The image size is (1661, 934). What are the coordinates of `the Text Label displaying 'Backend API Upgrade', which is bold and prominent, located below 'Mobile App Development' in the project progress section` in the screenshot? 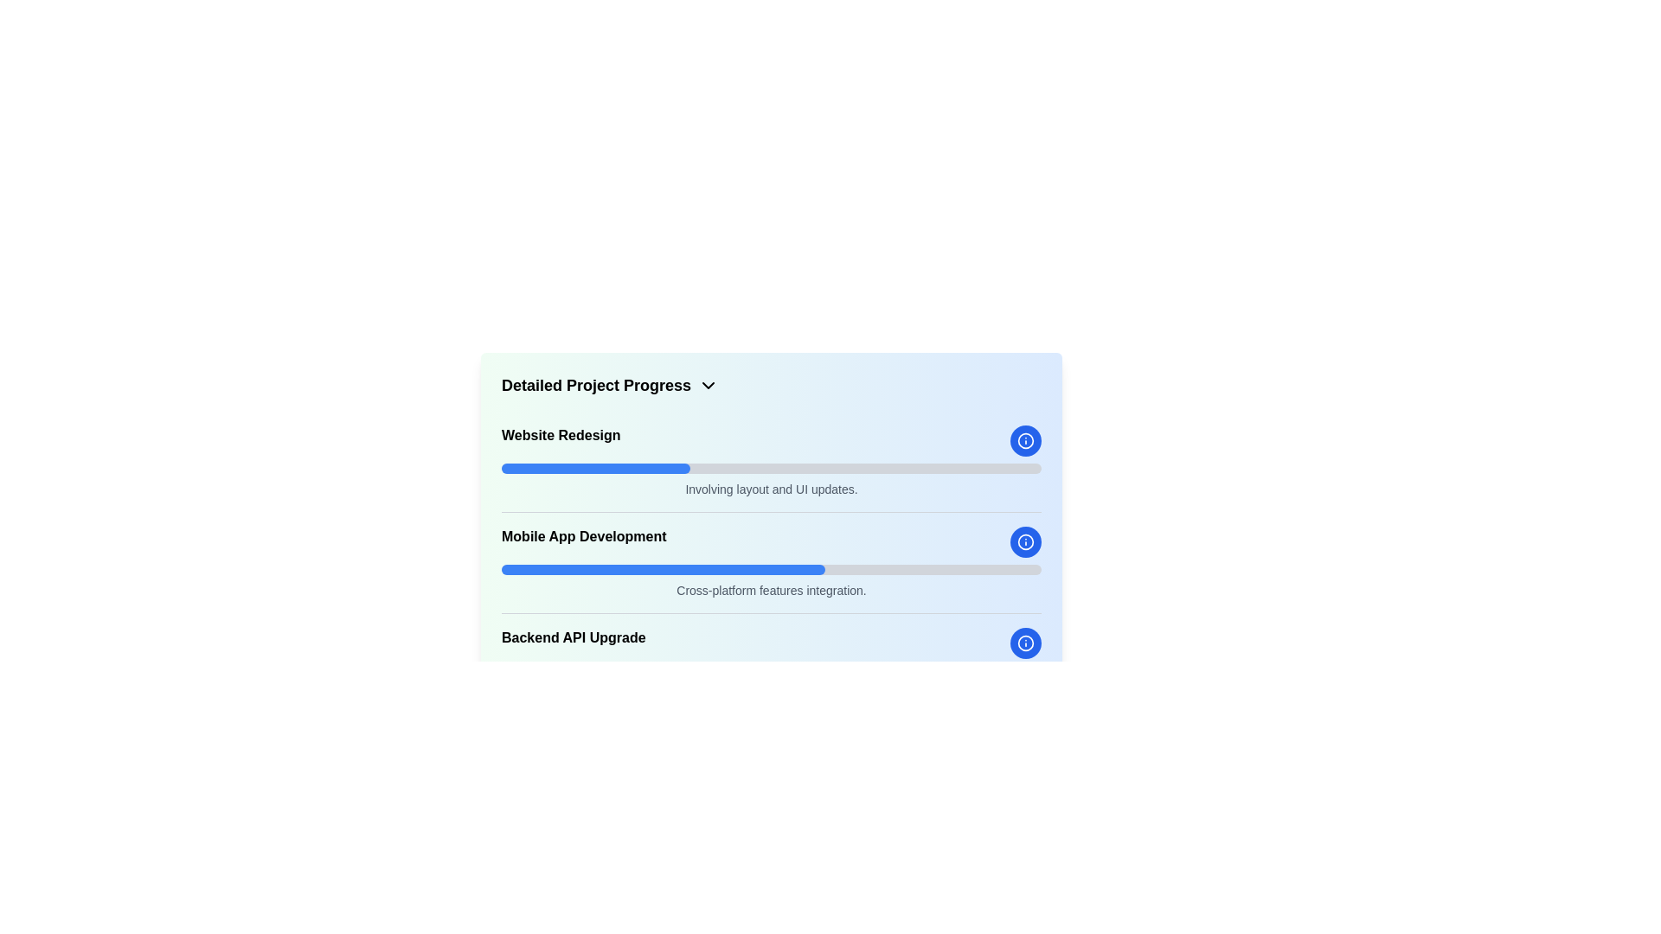 It's located at (574, 643).